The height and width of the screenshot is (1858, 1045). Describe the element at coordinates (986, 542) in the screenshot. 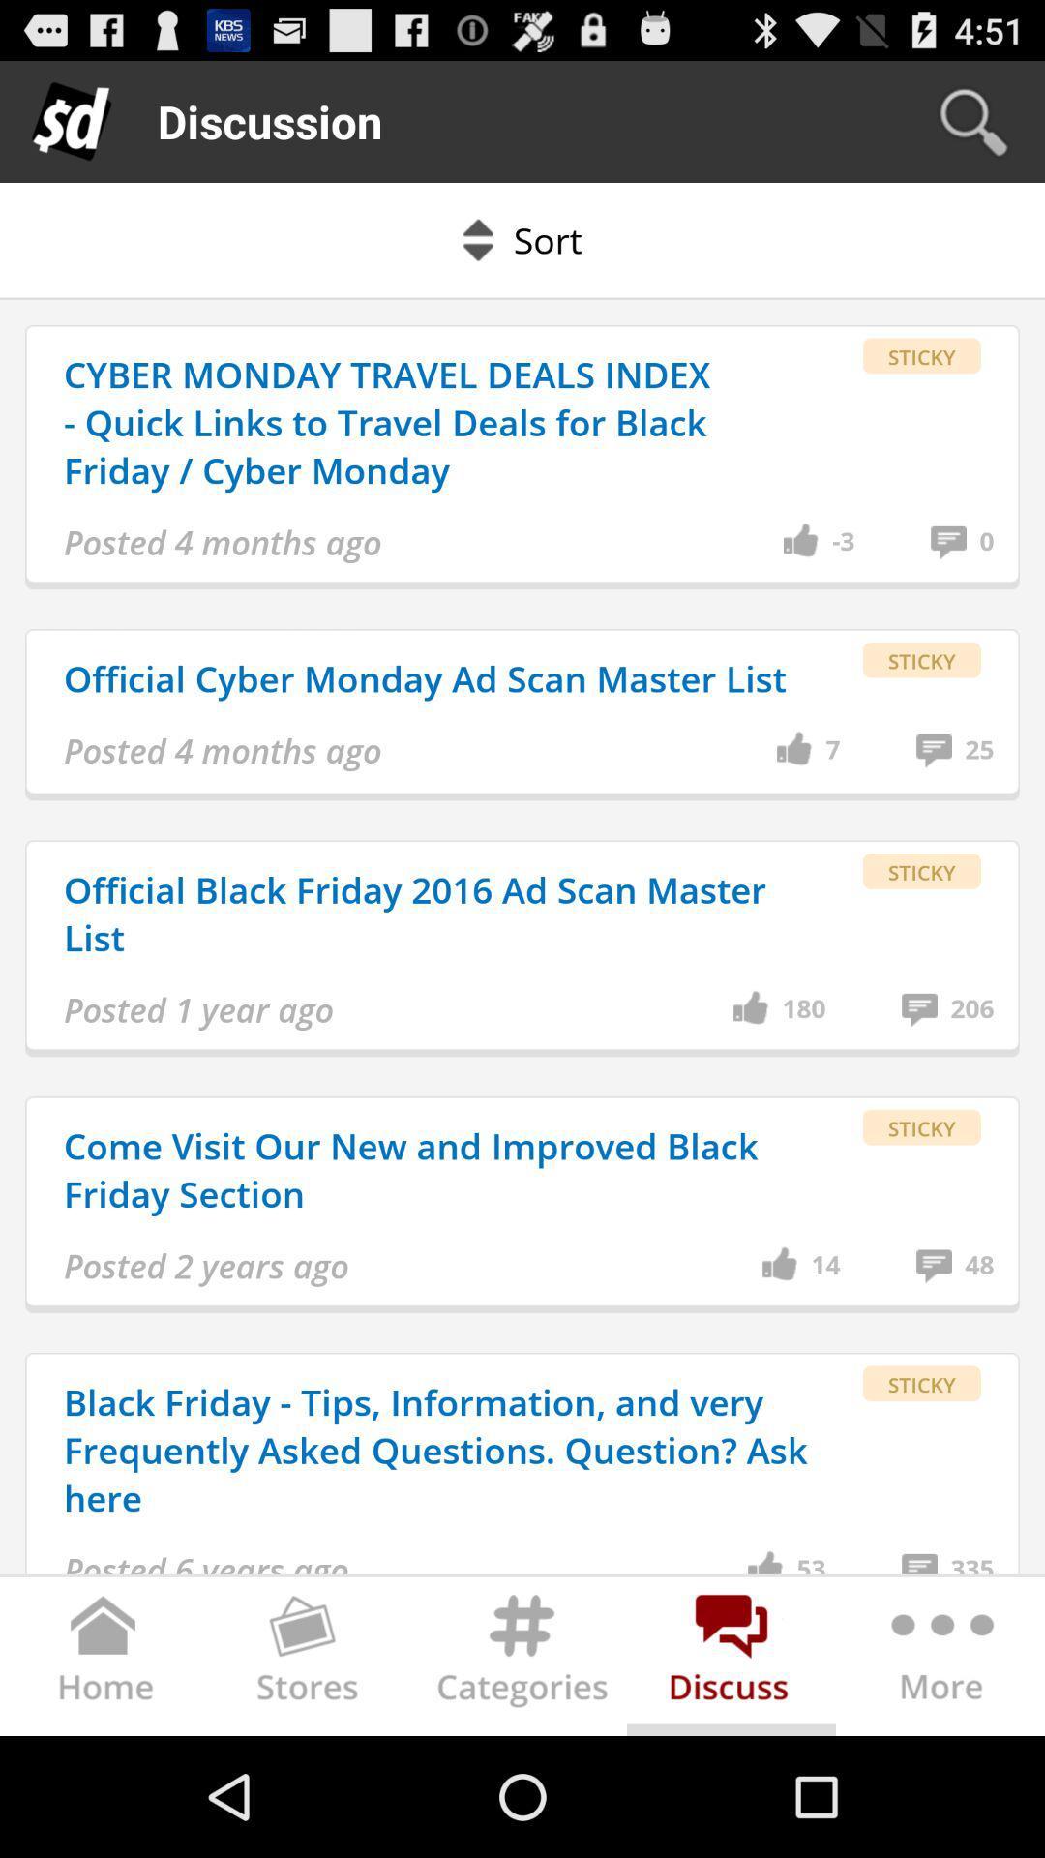

I see `the item below the sticky item` at that location.